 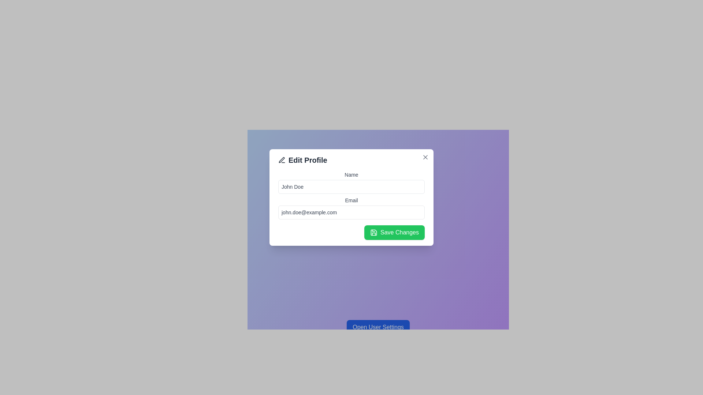 What do you see at coordinates (425, 157) in the screenshot?
I see `the circular 'X' button located in the top-right corner of the 'Edit Profile' panel` at bounding box center [425, 157].